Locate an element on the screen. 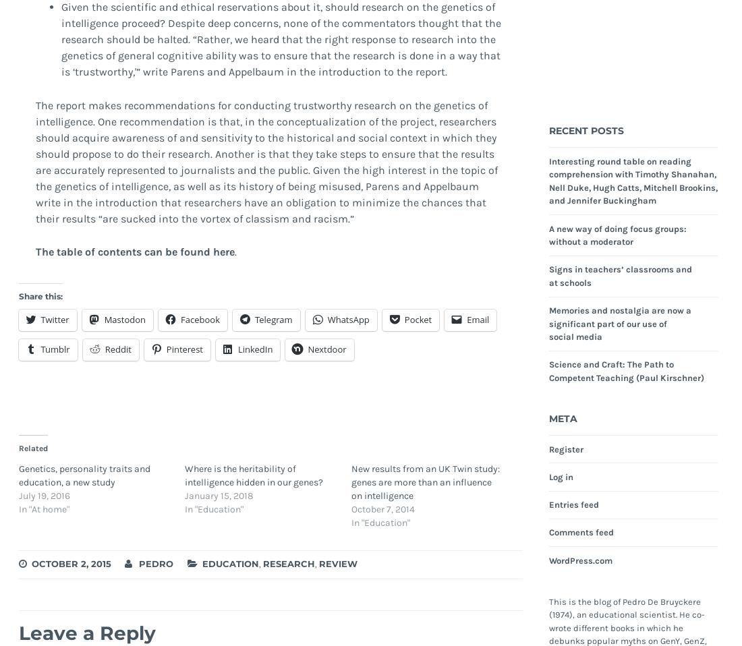 Image resolution: width=742 pixels, height=646 pixels. 'Recent Posts' is located at coordinates (585, 129).